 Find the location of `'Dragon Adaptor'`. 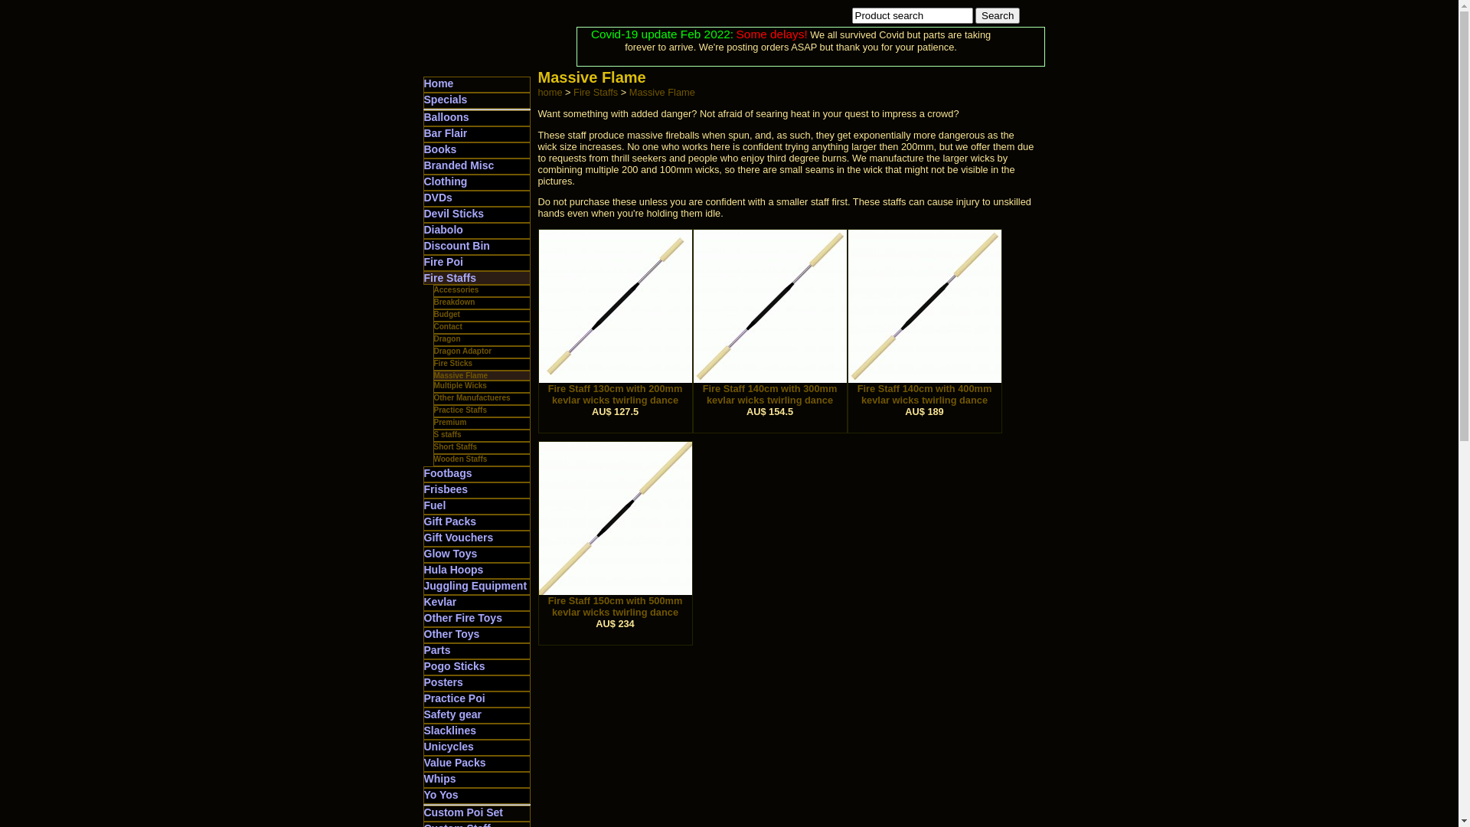

'Dragon Adaptor' is located at coordinates (462, 351).